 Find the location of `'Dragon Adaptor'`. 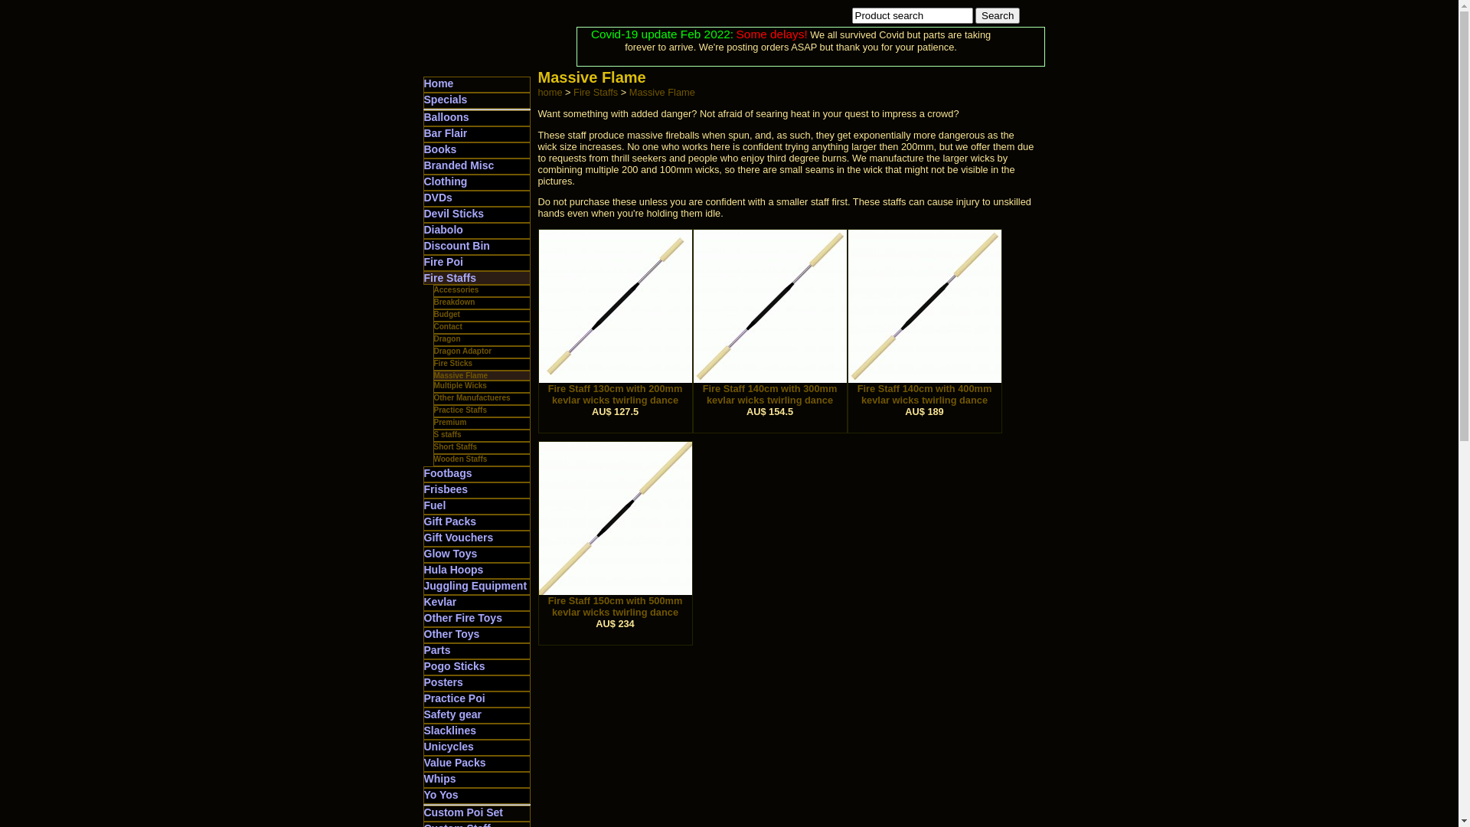

'Dragon Adaptor' is located at coordinates (462, 351).